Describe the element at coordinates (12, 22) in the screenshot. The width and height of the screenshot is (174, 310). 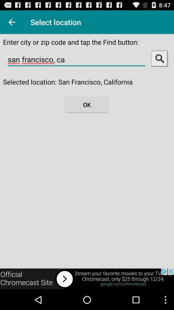
I see `rite pega` at that location.